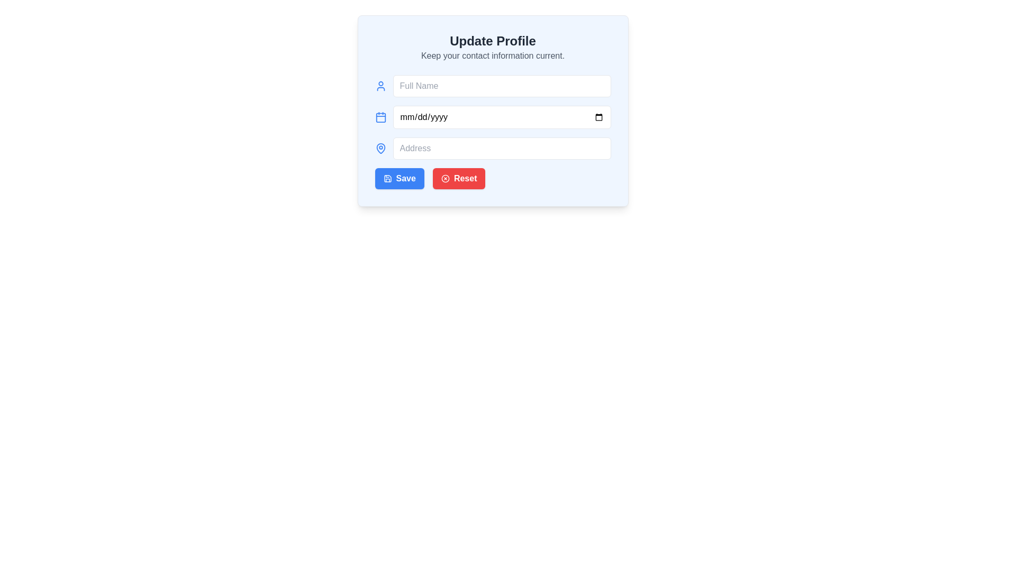 The width and height of the screenshot is (1016, 571). Describe the element at coordinates (380, 85) in the screenshot. I see `the user profile icon located to the left of the 'Full Name' input field` at that location.